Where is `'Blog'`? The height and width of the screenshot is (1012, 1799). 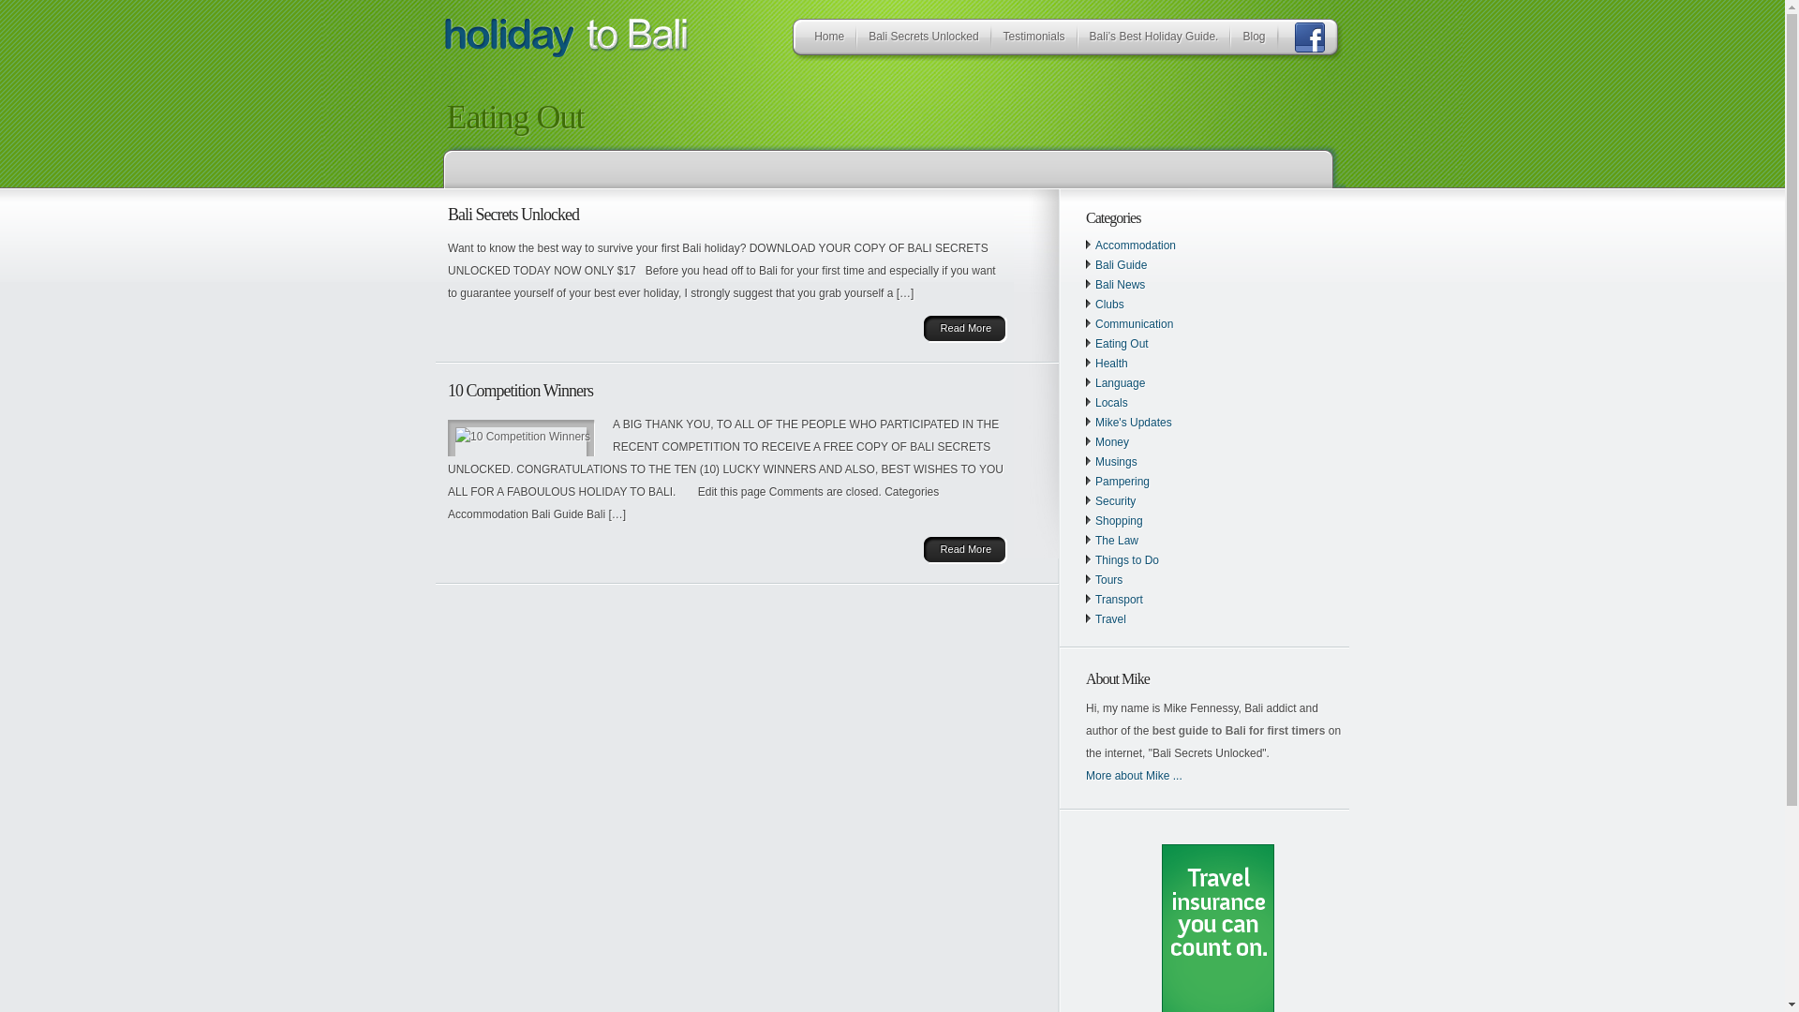 'Blog' is located at coordinates (1254, 39).